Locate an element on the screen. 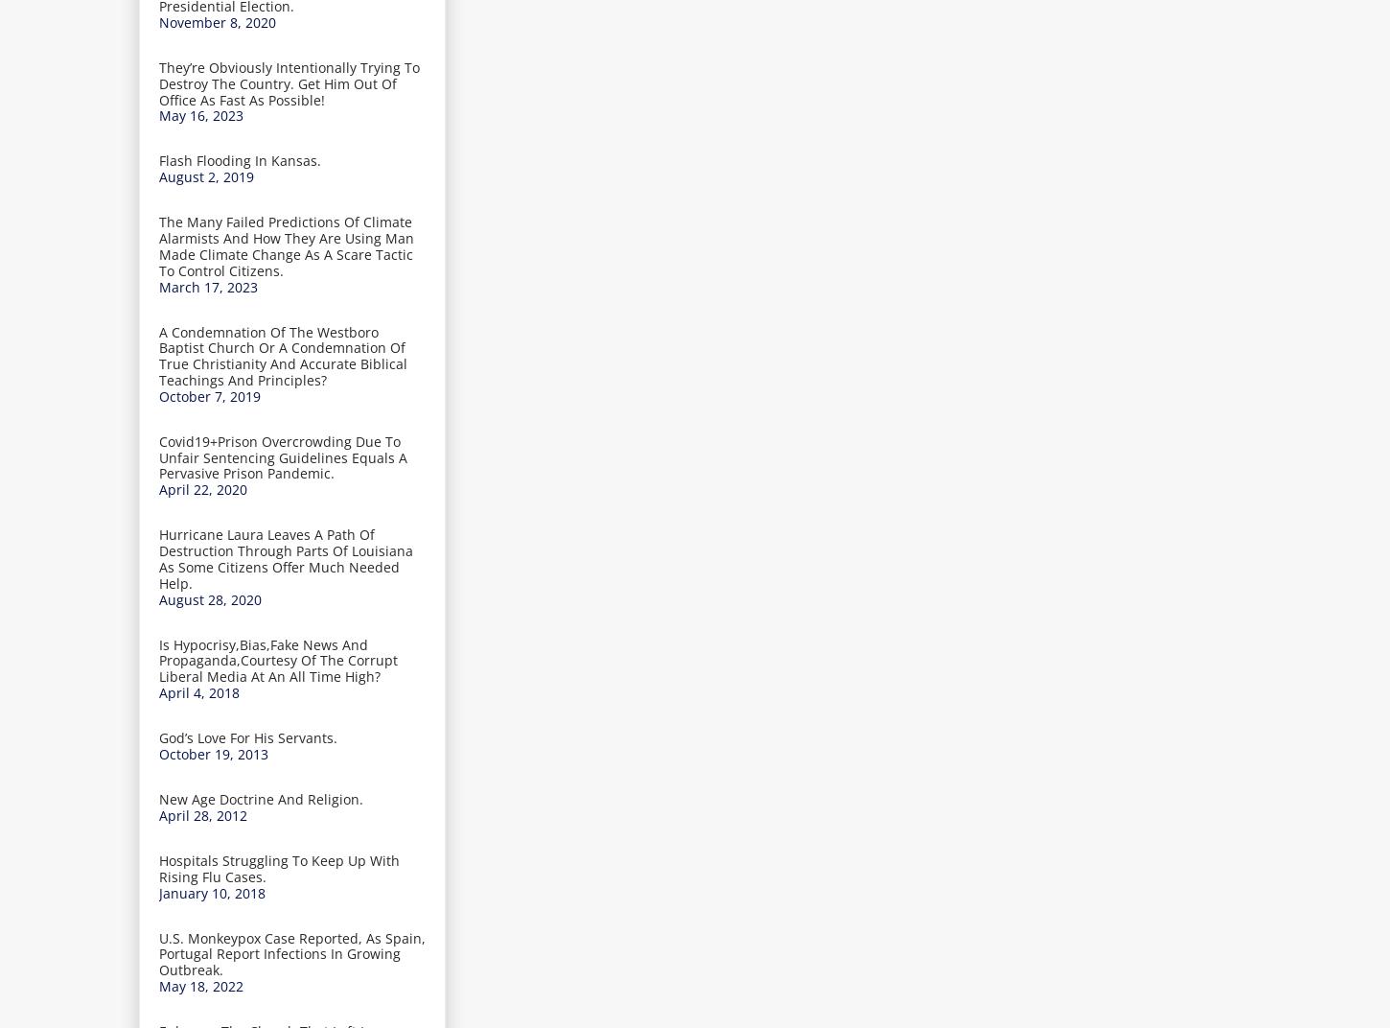 This screenshot has width=1390, height=1028. 'May 18, 2022' is located at coordinates (199, 985).